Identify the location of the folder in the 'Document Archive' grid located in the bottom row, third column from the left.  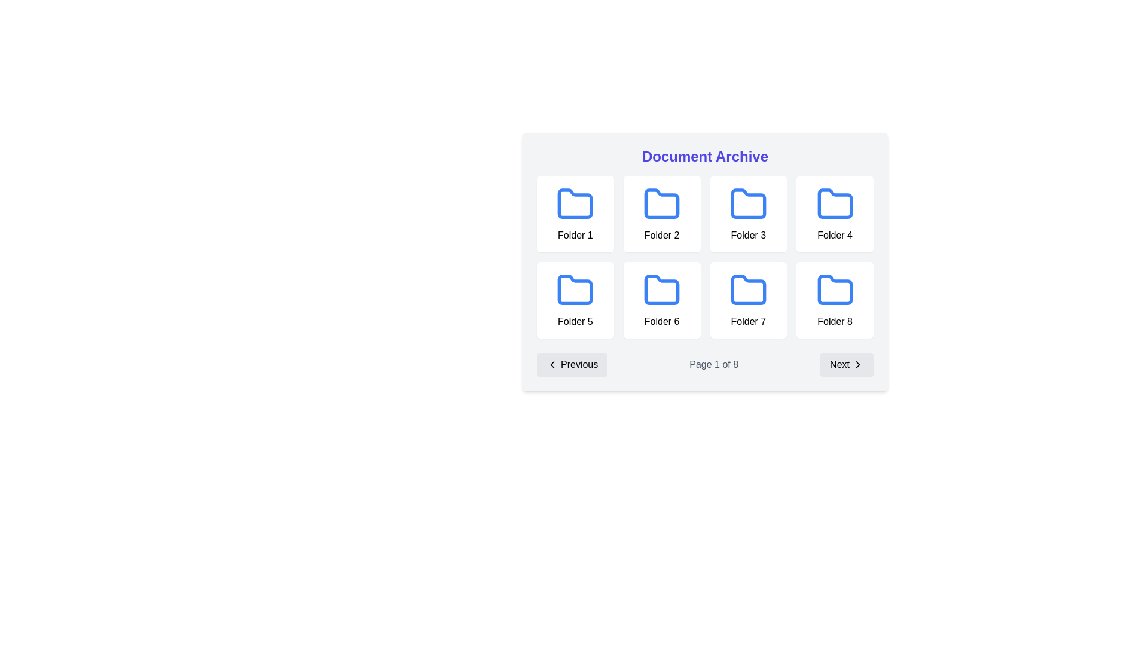
(747, 299).